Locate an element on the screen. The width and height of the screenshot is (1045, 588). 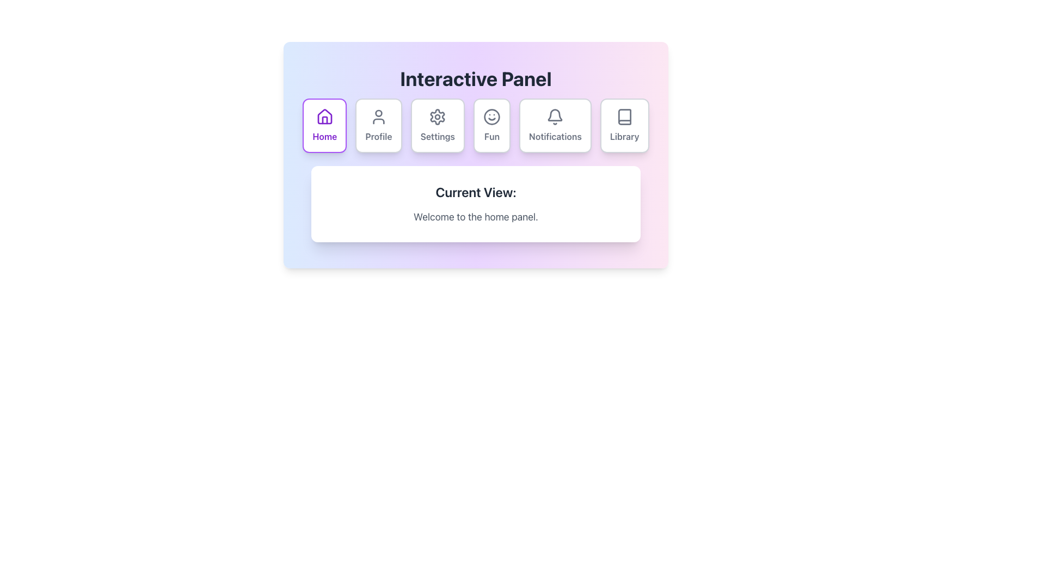
the 'Fun' button icon located in the navigation bar at the top center of the interface, which is the fourth item from the left is located at coordinates (491, 117).